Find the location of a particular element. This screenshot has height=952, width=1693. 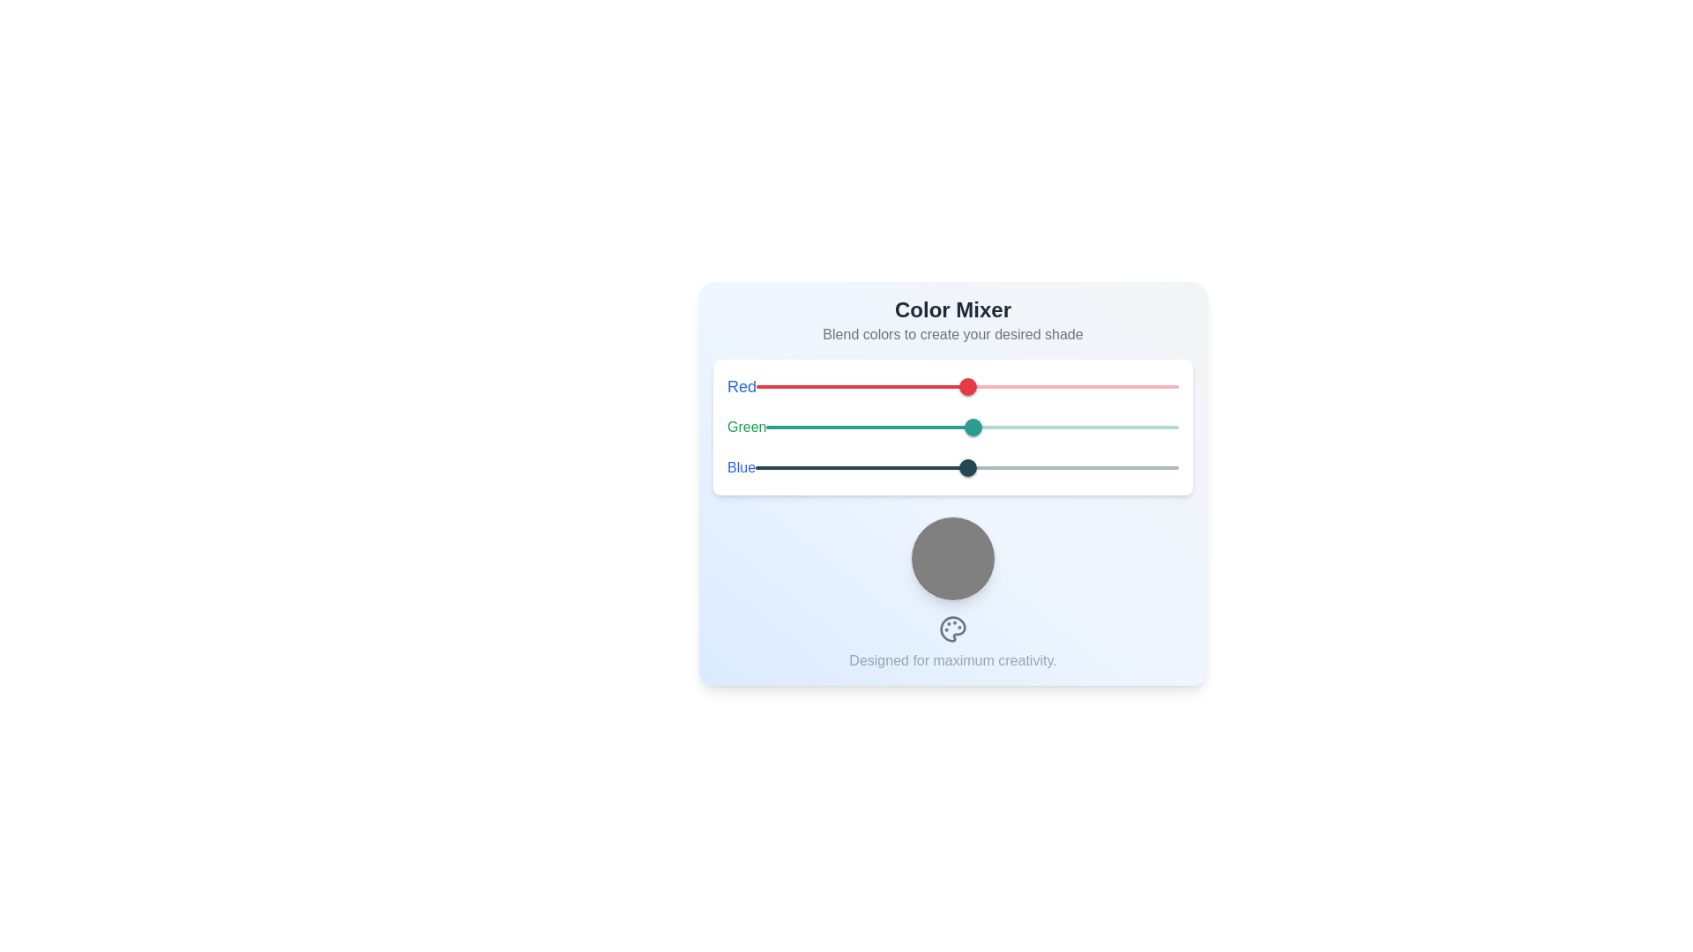

the circular graphical representation with a gray background and a well-defined border located below the RGB sliders is located at coordinates (951, 558).